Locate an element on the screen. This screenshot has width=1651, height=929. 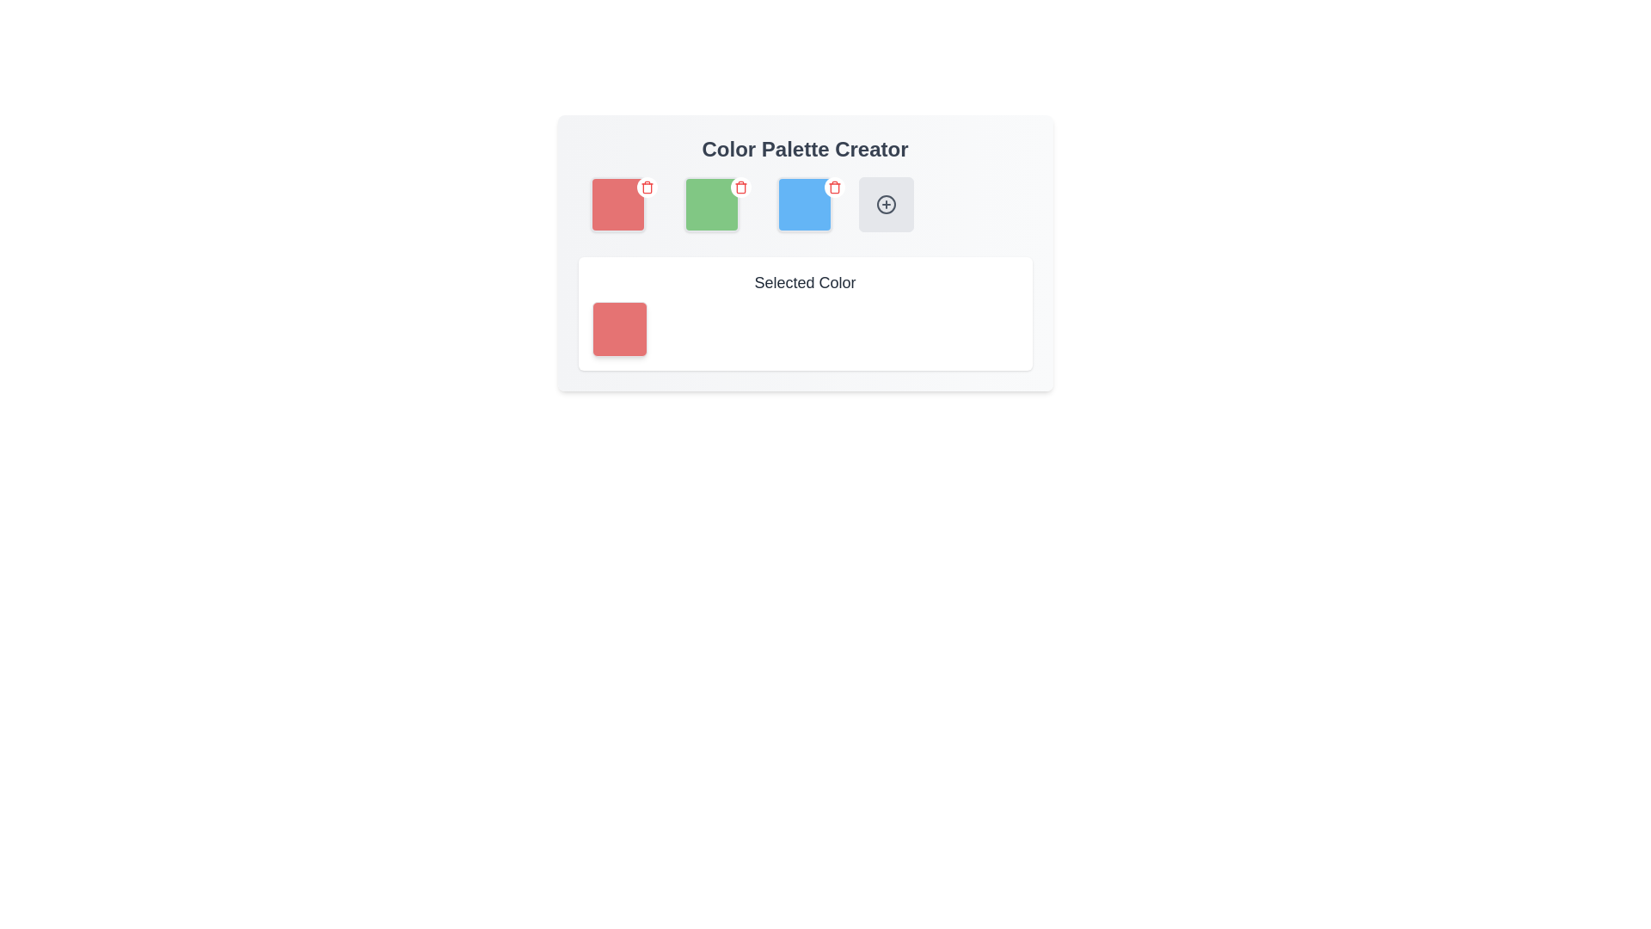
the small circular button with a white background and a red trash bin icon is located at coordinates (741, 188).